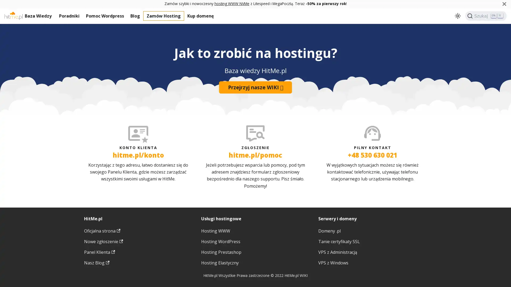  I want to click on Przeacz pomiedzy ciemnym a jasnym motywem (aktualnie ustawiony jasny motyw), so click(457, 16).